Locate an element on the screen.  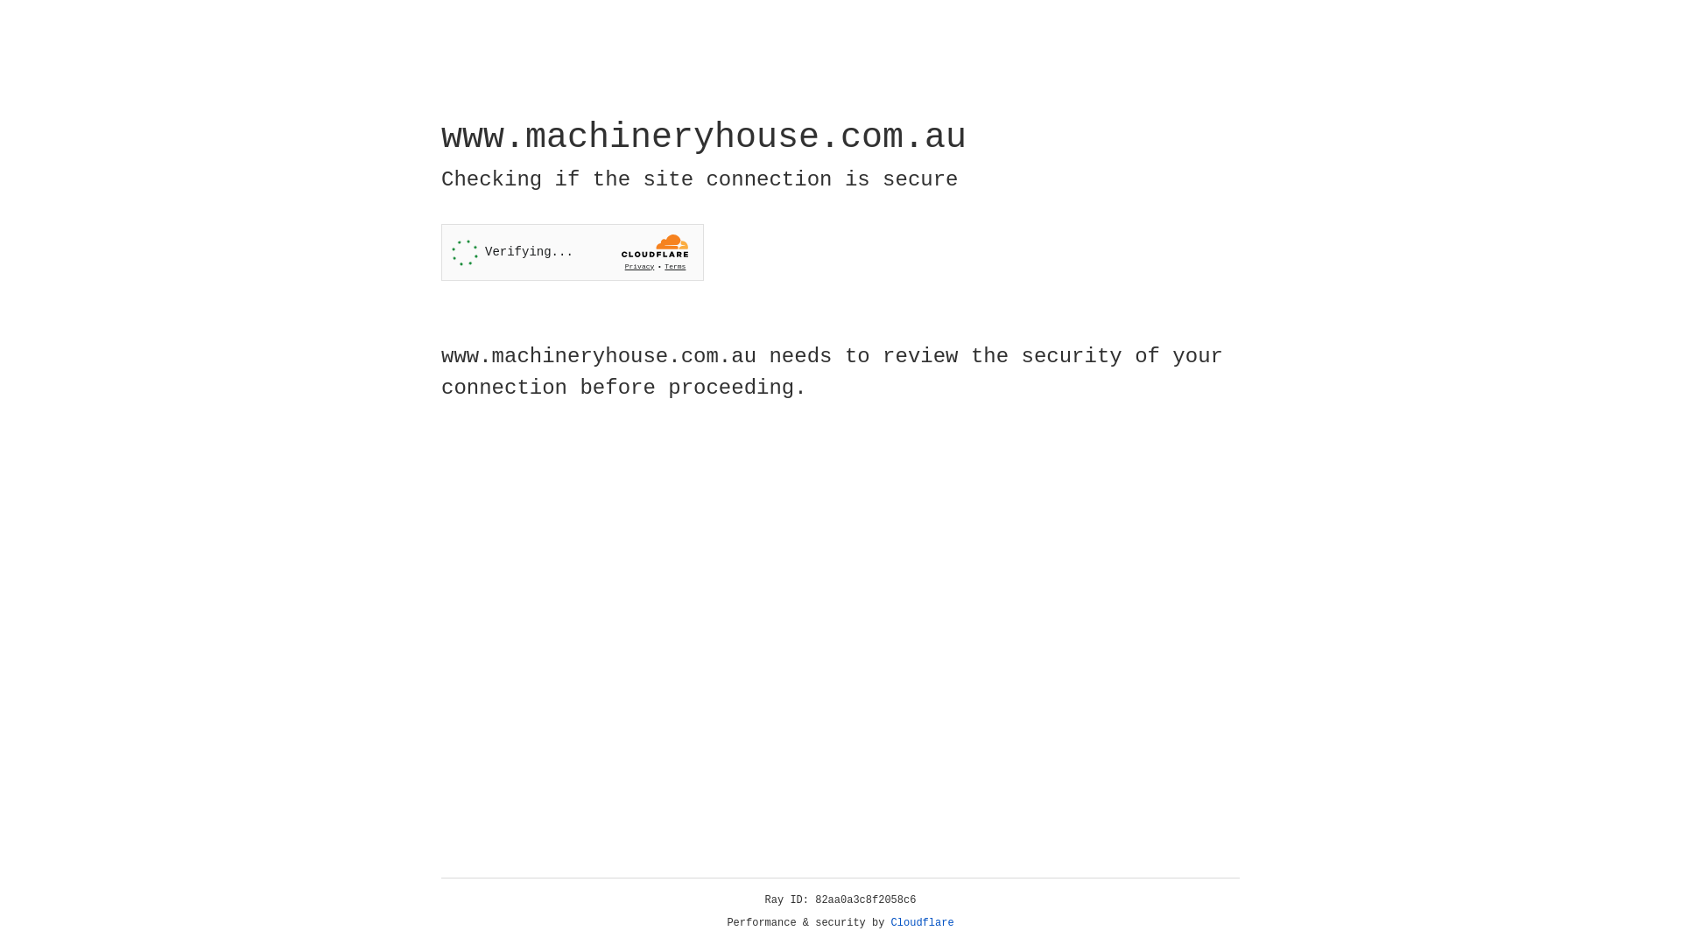
'Cloudflare' is located at coordinates (922, 922).